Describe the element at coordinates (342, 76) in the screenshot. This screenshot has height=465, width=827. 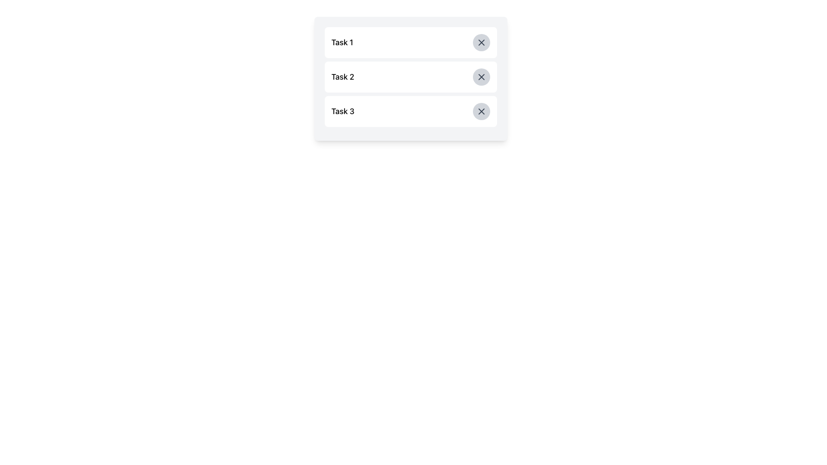
I see `the 'Task 2' text label which is a bold, medium-sized font element located in the second card of the vertical task list, positioned centrally and aligned to the left of the interactive 'X' button` at that location.